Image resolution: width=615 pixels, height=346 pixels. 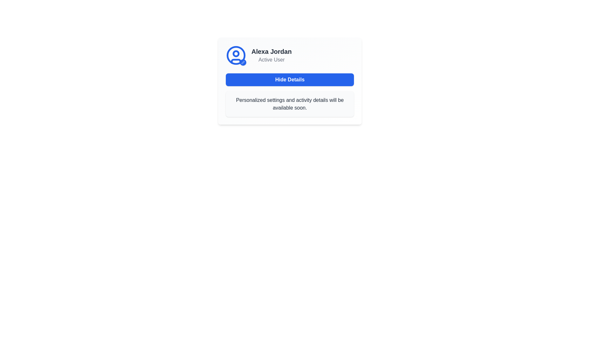 I want to click on the pen-shaped icon located within the circular button at the bottom-right corner of the user avatar icon in the top-left card, so click(x=242, y=62).